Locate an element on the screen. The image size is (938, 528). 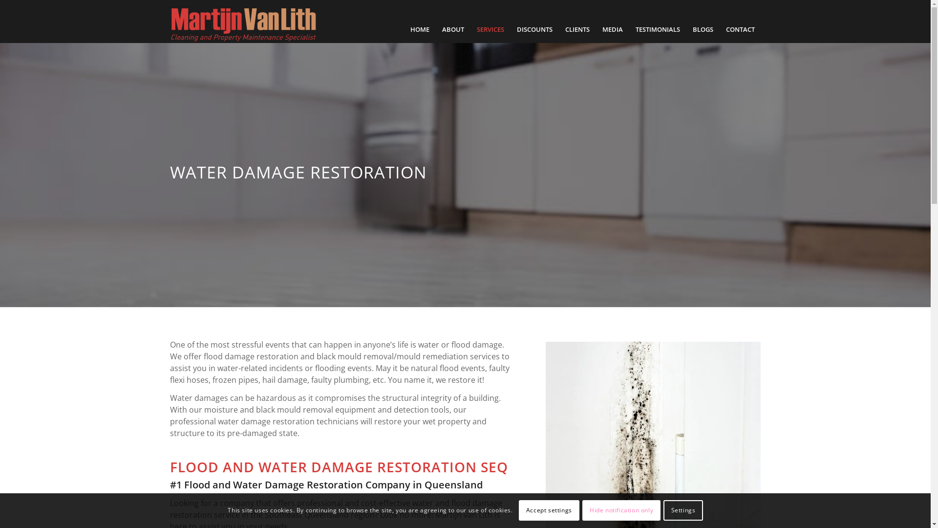
'CLIENTS' is located at coordinates (558, 29).